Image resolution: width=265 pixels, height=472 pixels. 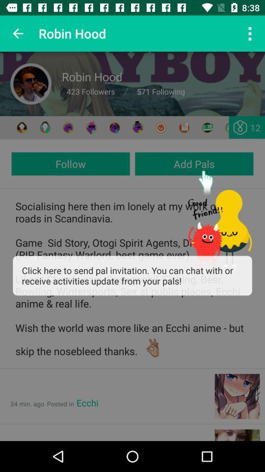 What do you see at coordinates (31, 83) in the screenshot?
I see `persons profile` at bounding box center [31, 83].